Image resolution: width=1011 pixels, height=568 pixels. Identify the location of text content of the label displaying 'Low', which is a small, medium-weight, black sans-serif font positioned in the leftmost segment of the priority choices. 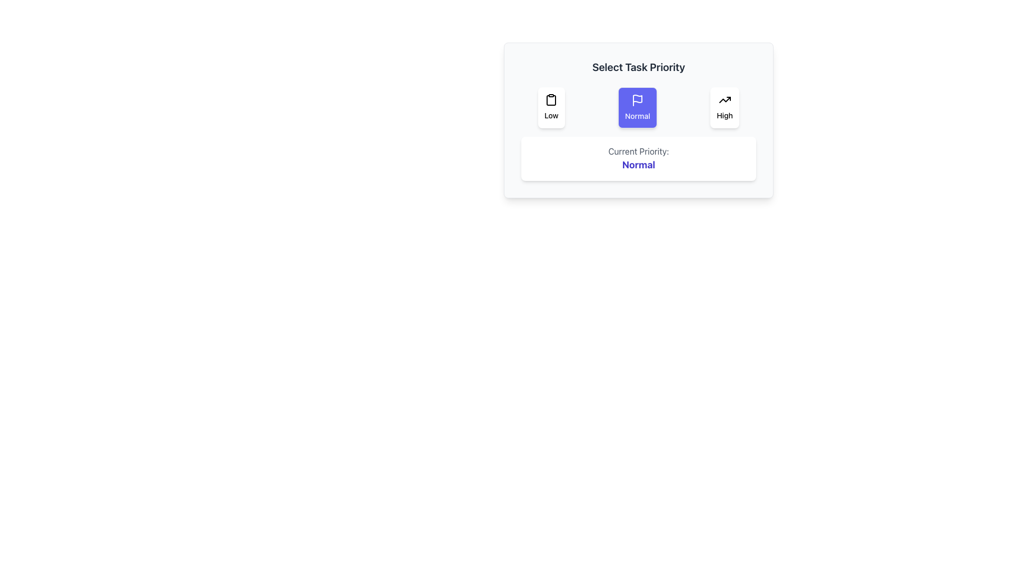
(551, 115).